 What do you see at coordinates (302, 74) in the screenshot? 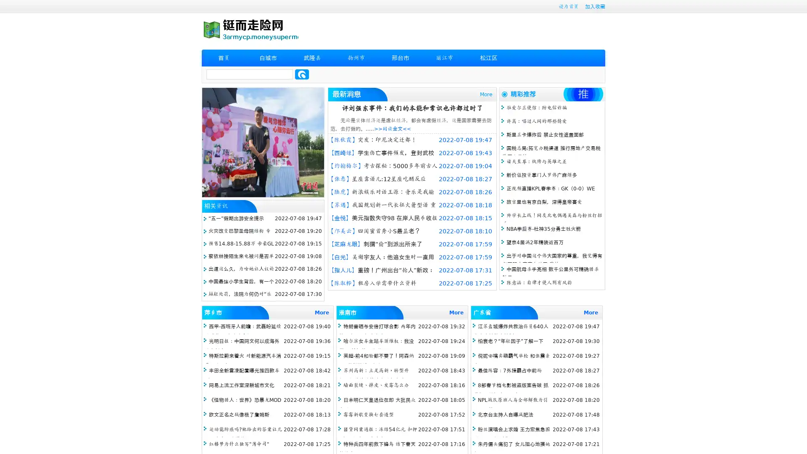
I see `Search` at bounding box center [302, 74].